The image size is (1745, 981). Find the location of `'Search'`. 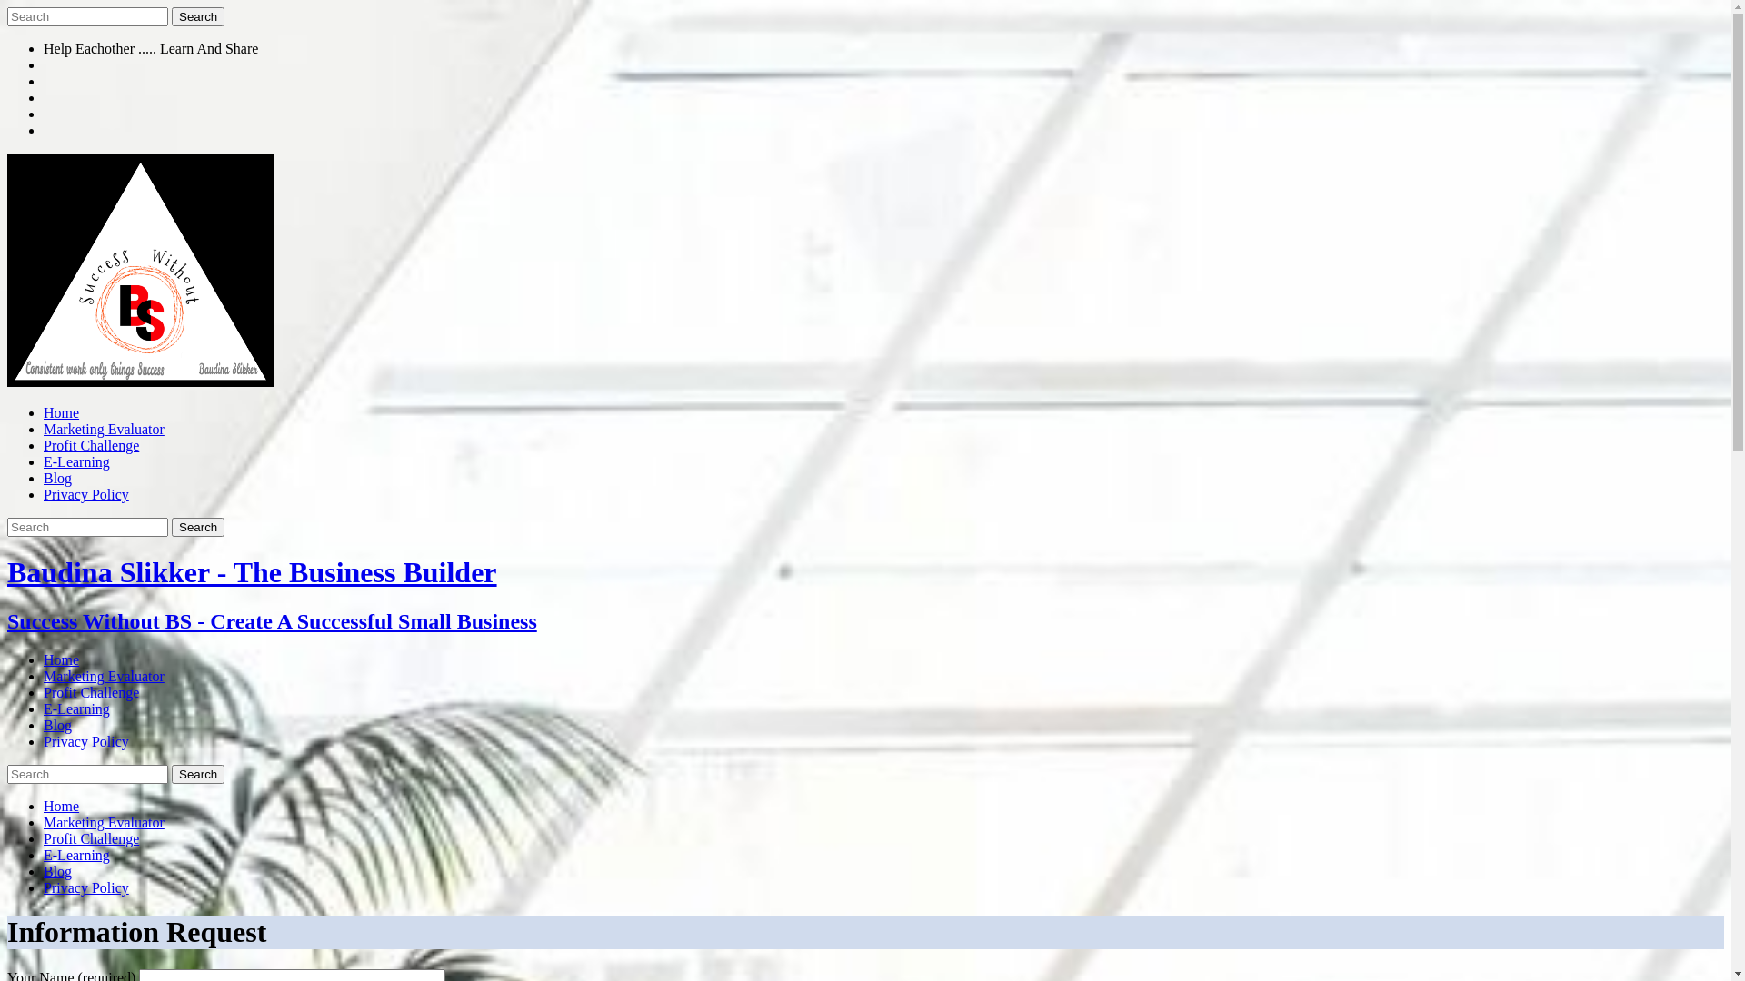

'Search' is located at coordinates (197, 16).